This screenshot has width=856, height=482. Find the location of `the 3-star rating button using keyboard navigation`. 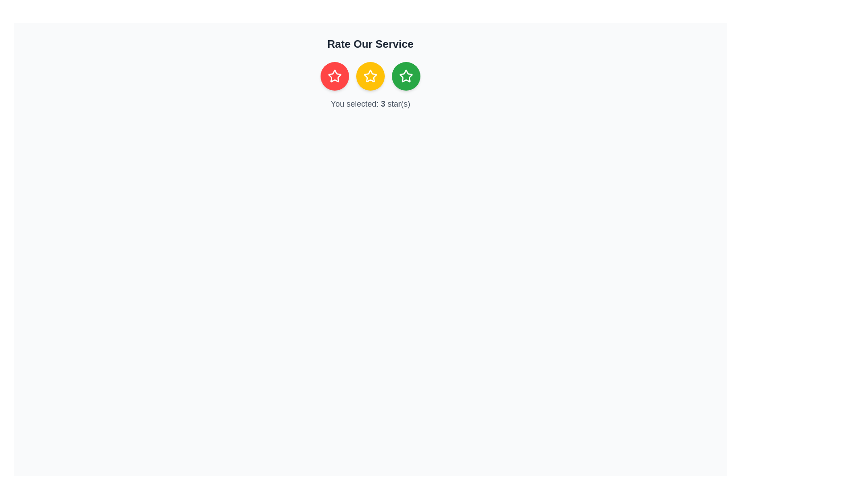

the 3-star rating button using keyboard navigation is located at coordinates (370, 75).